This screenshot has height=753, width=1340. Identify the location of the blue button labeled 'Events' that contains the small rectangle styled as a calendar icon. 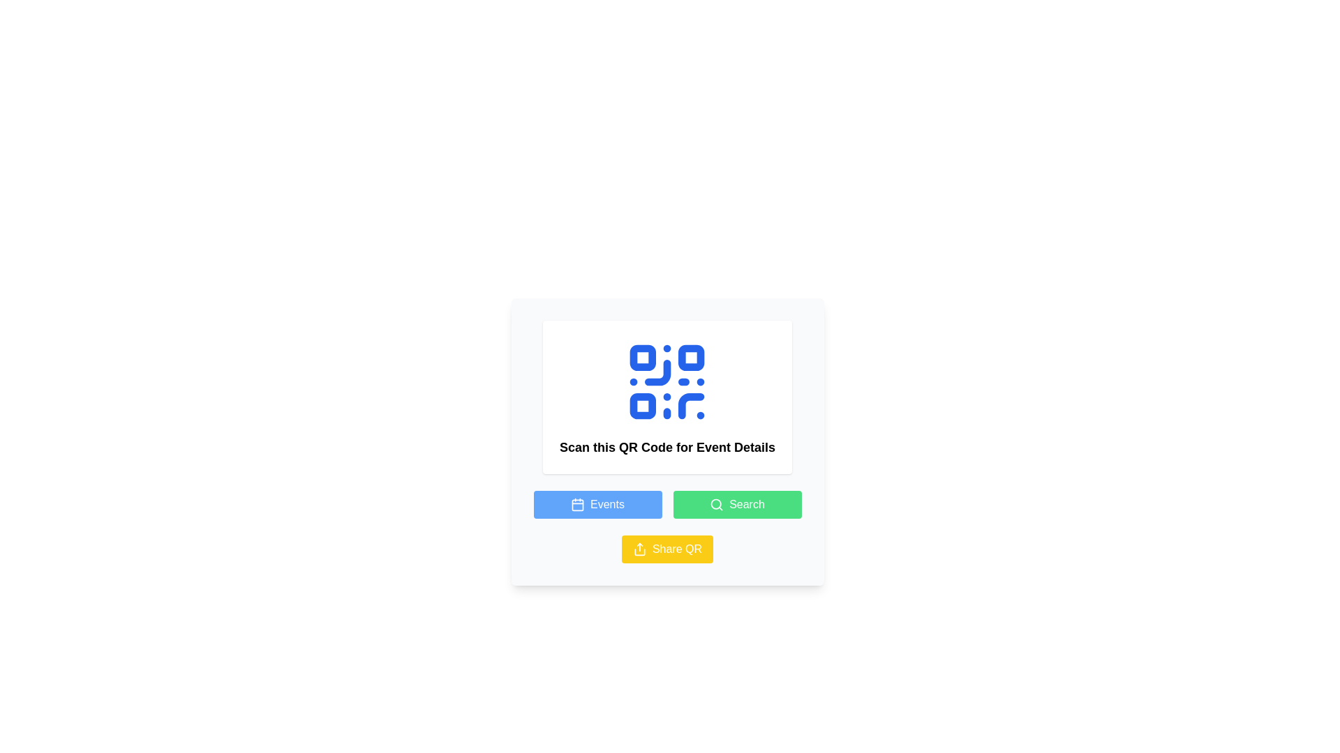
(578, 505).